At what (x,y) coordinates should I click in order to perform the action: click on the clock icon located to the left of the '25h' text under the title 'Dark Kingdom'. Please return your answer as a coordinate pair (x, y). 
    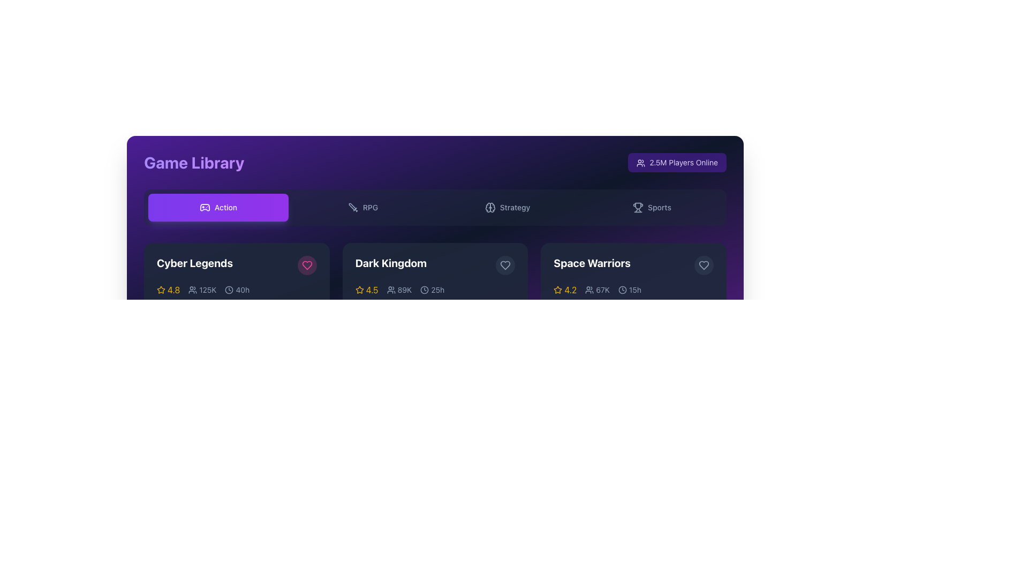
    Looking at the image, I should click on (424, 290).